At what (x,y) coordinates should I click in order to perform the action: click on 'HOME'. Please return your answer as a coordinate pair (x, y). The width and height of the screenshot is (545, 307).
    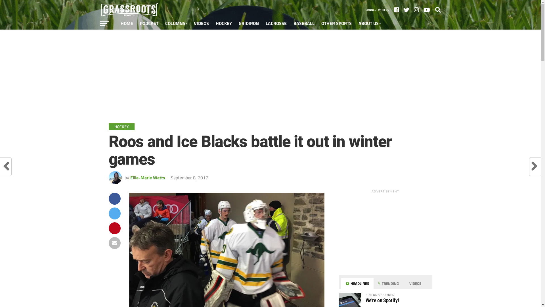
    Looking at the image, I should click on (126, 23).